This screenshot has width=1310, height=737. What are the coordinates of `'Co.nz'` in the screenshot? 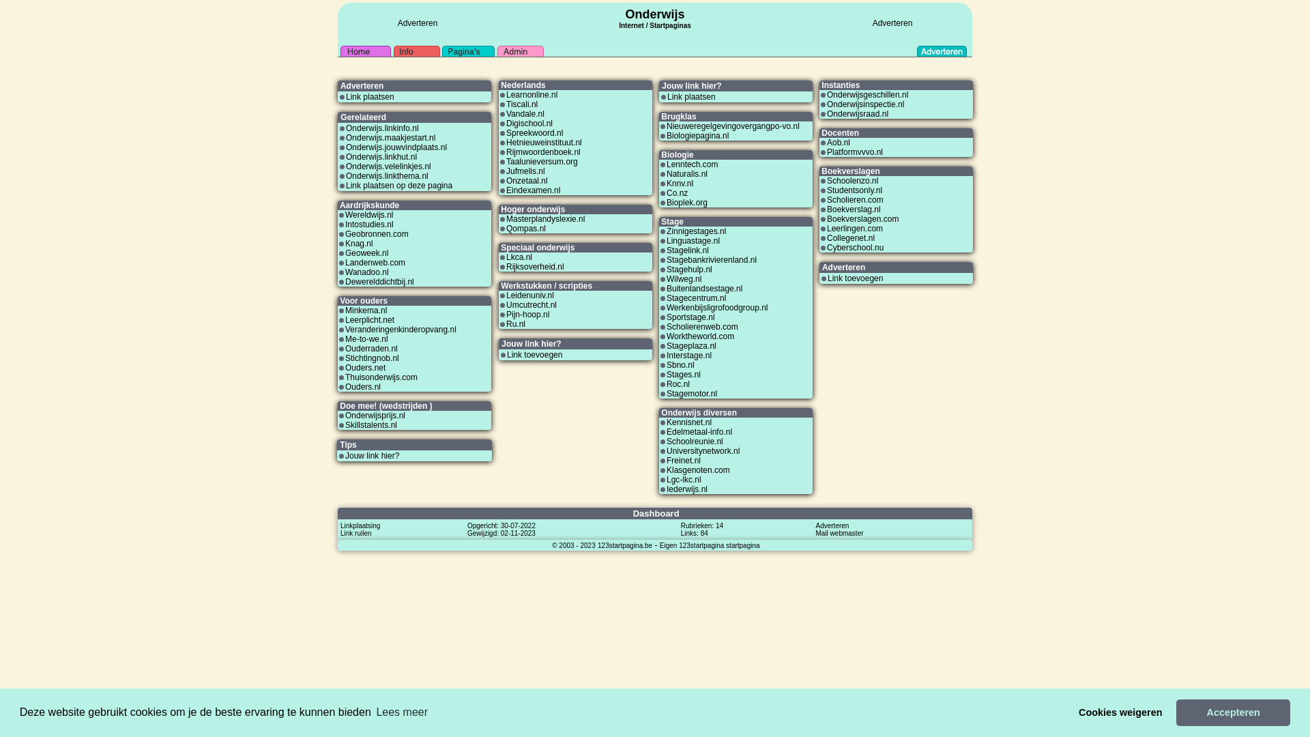 It's located at (667, 192).